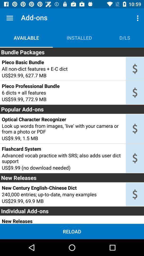  What do you see at coordinates (79, 37) in the screenshot?
I see `item next to d/ls item` at bounding box center [79, 37].